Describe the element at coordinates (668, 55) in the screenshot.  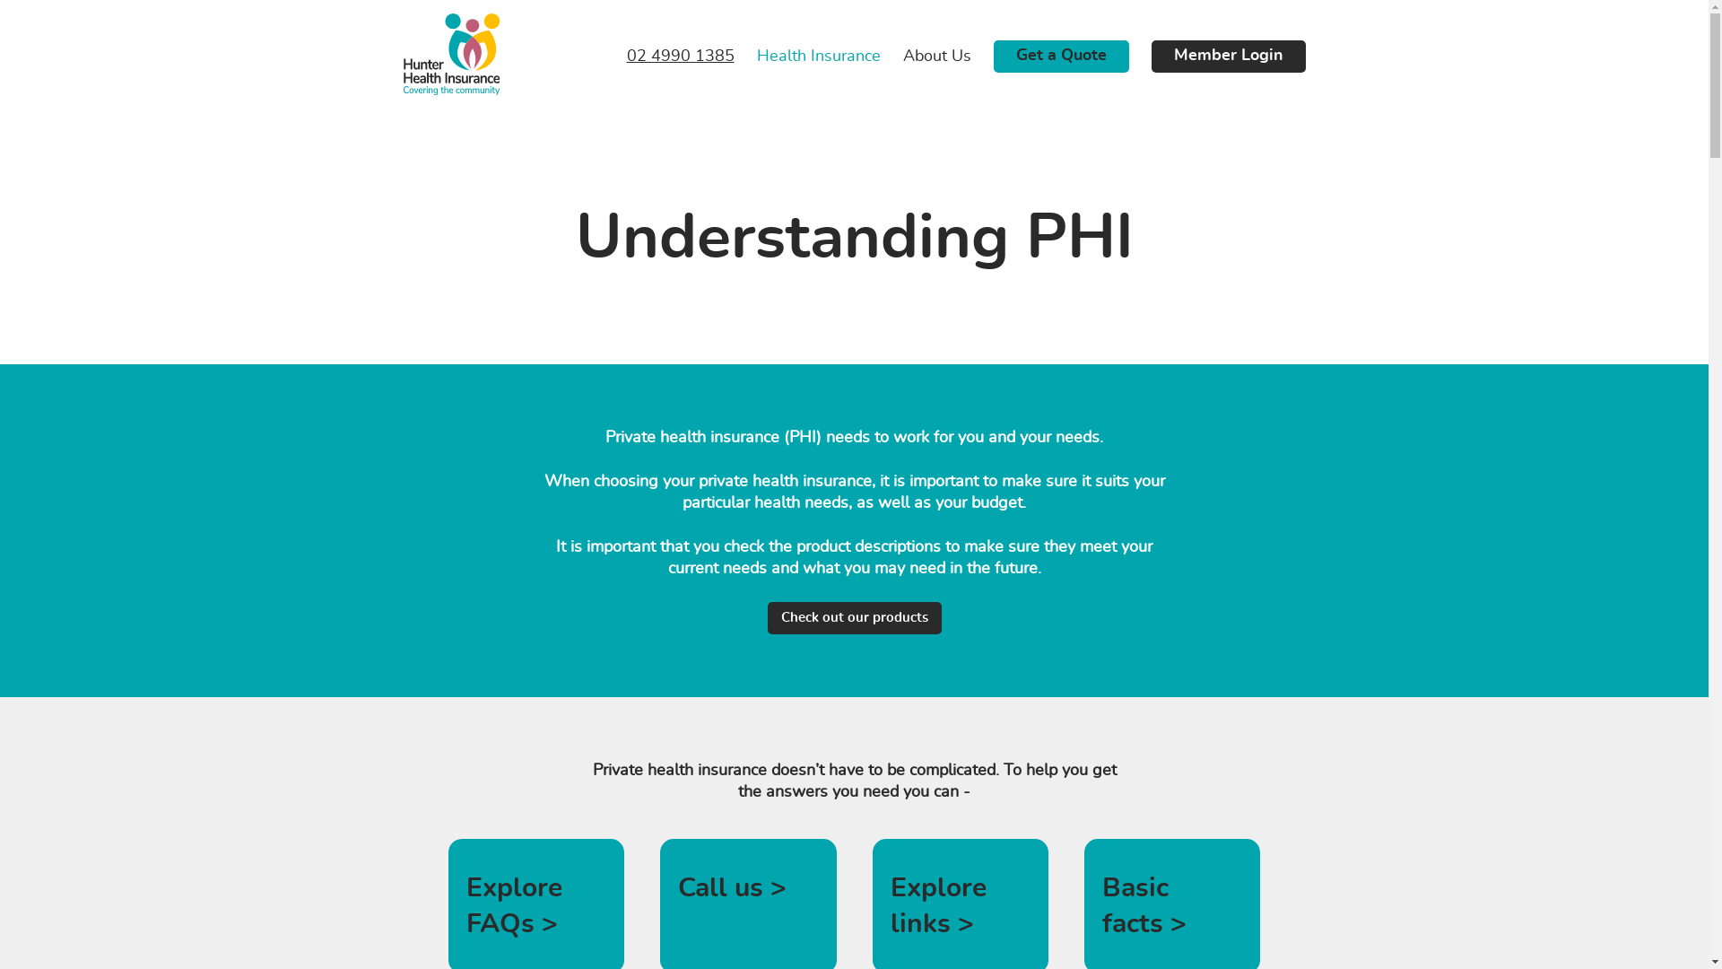
I see `'02 4990 1385'` at that location.